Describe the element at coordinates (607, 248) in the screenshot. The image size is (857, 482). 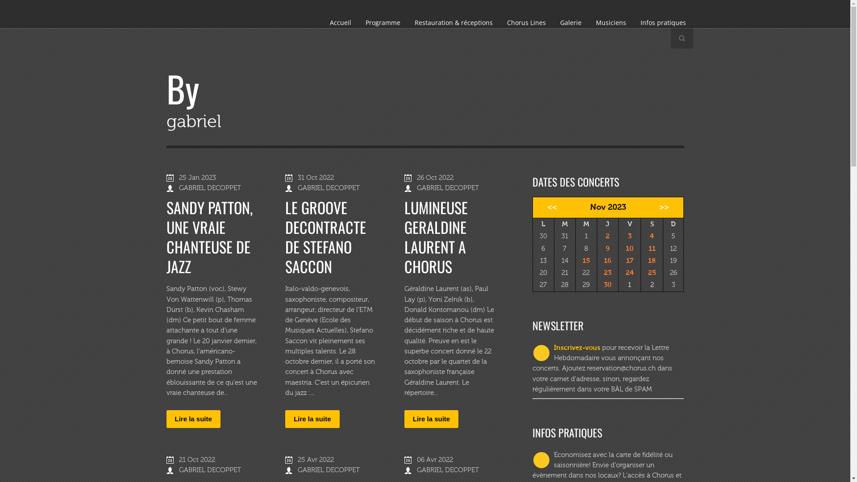
I see `'9'` at that location.